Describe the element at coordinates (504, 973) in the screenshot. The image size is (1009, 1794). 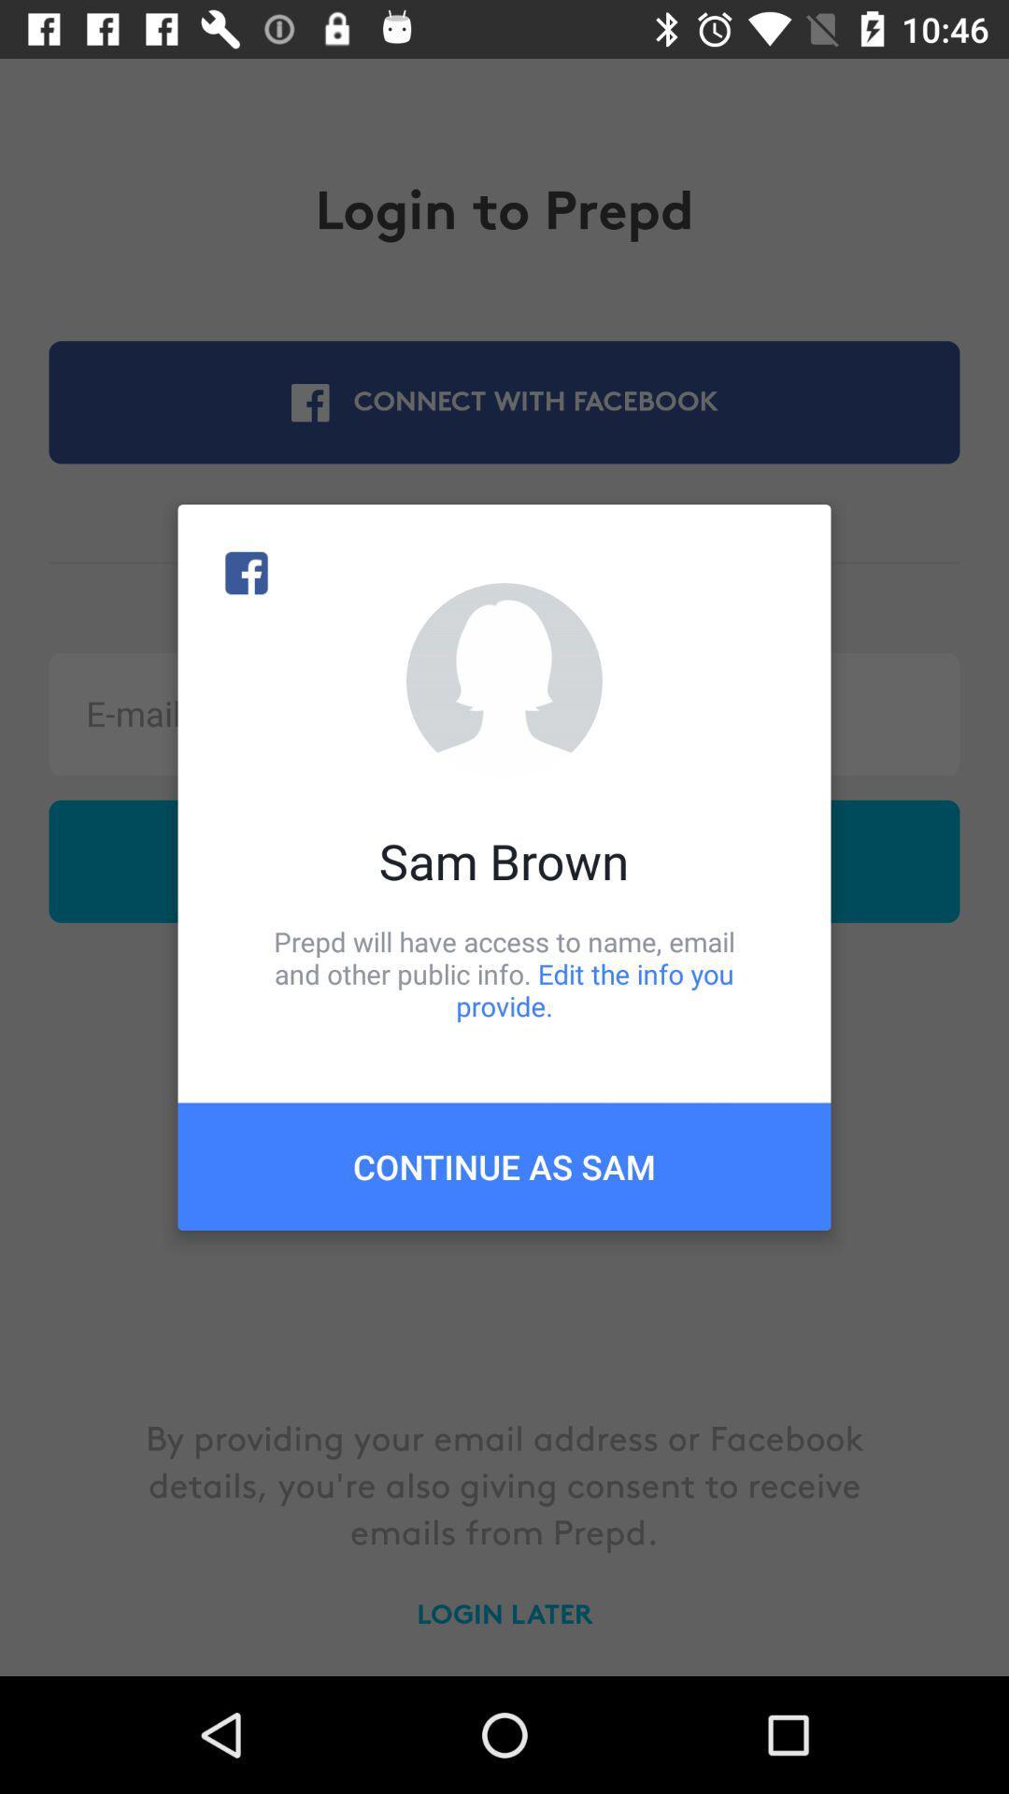
I see `the item below sam brown` at that location.